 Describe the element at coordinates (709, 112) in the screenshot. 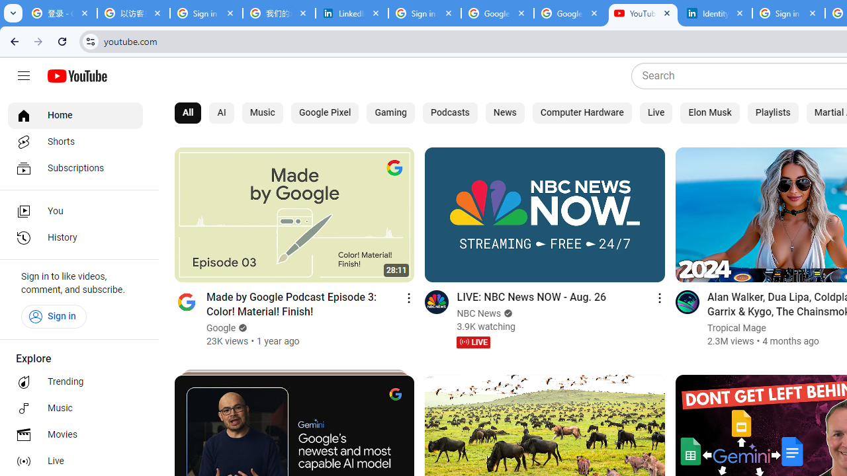

I see `'Elon Musk'` at that location.